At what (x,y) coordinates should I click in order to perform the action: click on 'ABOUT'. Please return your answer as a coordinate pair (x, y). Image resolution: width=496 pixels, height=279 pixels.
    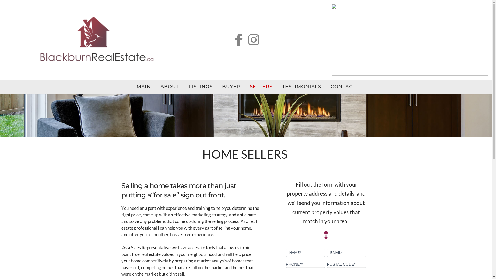
    Looking at the image, I should click on (170, 86).